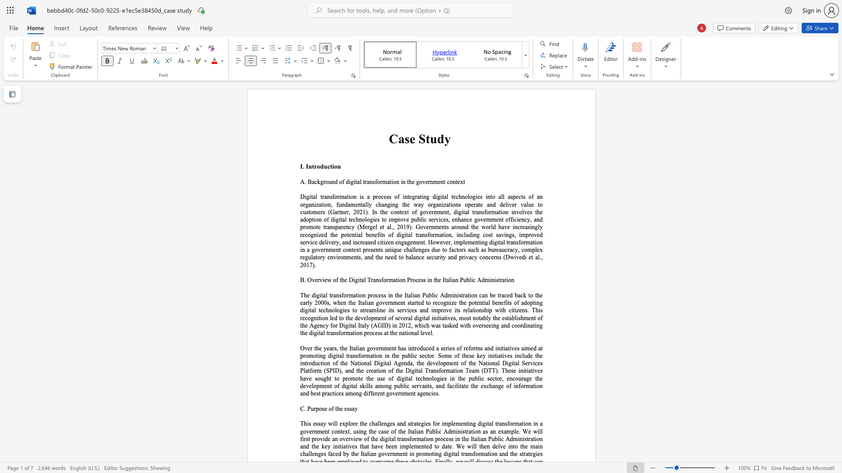  What do you see at coordinates (507, 378) in the screenshot?
I see `the subset text "encourage the development of digital sk" within the text "to promote the use of digital technologies in the public sector, encourage the development of digital skills among p"` at bounding box center [507, 378].